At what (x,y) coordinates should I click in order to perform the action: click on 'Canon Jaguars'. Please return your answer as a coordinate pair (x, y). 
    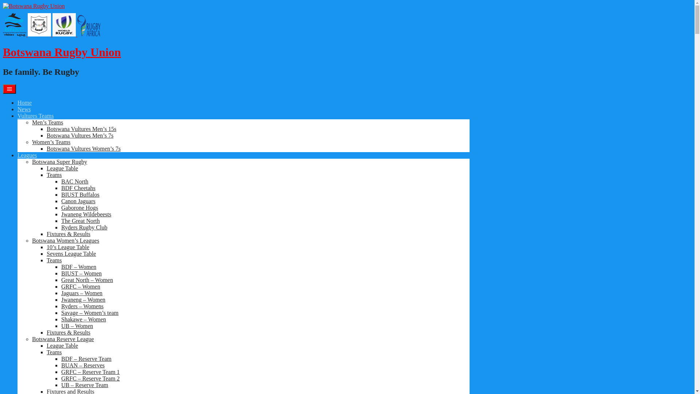
    Looking at the image, I should click on (61, 201).